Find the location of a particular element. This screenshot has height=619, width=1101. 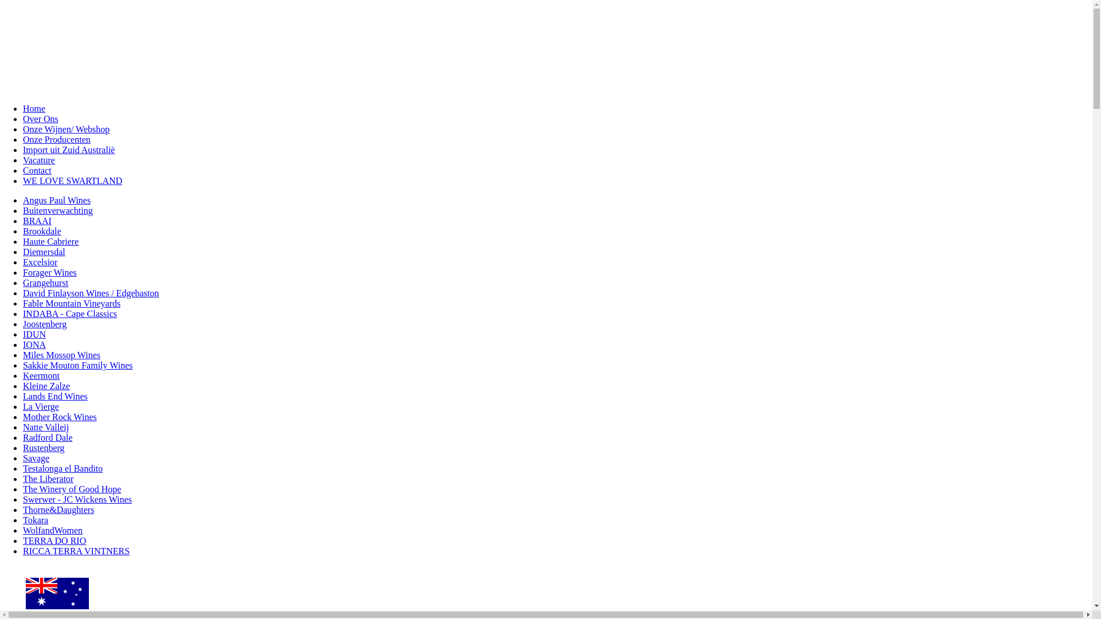

'Haute Cabriere' is located at coordinates (50, 241).